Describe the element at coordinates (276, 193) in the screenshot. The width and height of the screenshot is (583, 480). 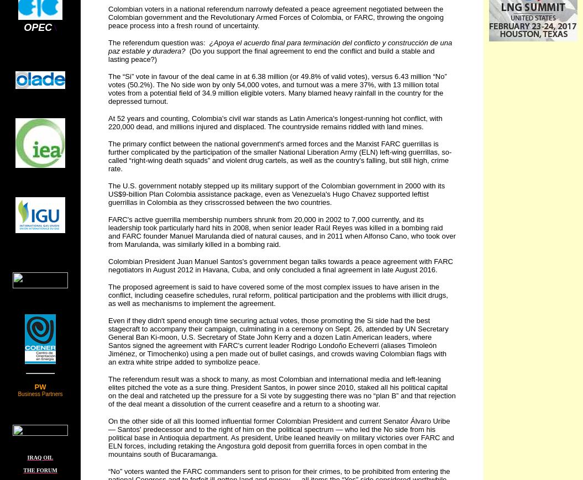
I see `'The U.S. government notably stepped up its military support of the Colombian government in 2000 with its US$9-billion Plan Colombia assistance package, even as Venezuela's Hugo Chavez supported leftist guerrillas in Colombia as they crisscrossed between the two countries.'` at that location.